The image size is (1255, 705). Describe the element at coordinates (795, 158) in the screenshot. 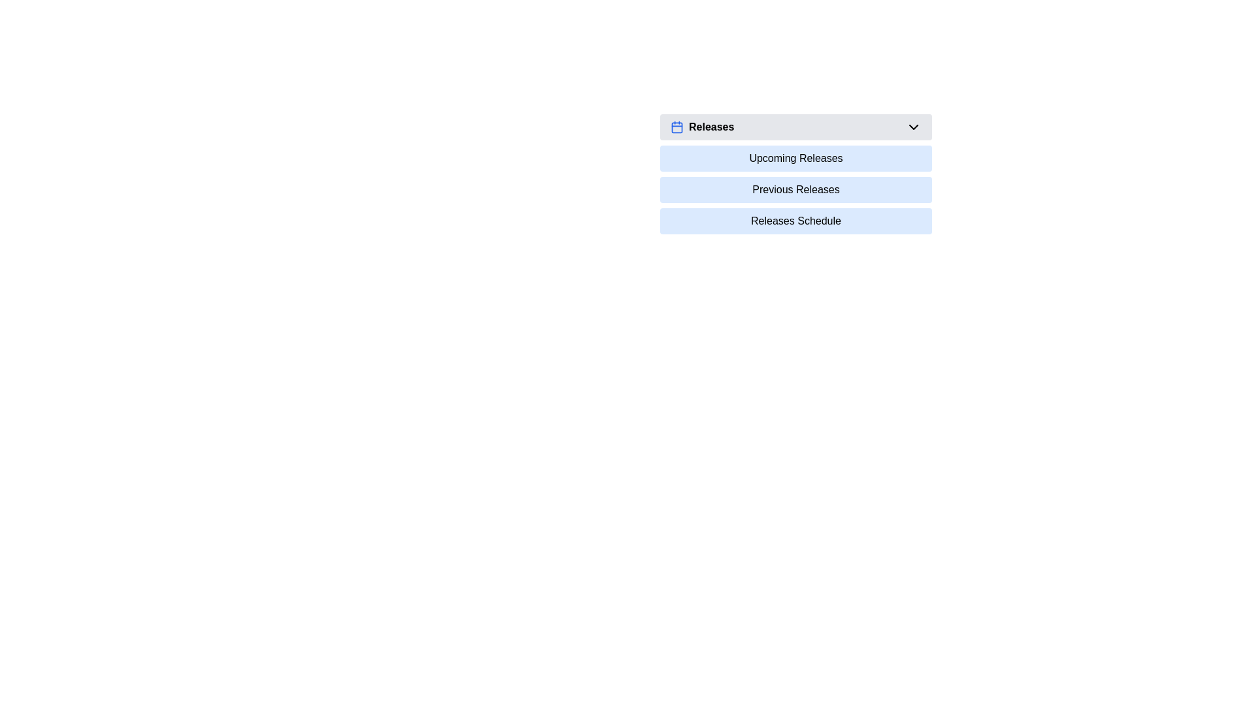

I see `the button that navigates to the 'Upcoming Releases' section to observe a visual feedback change` at that location.